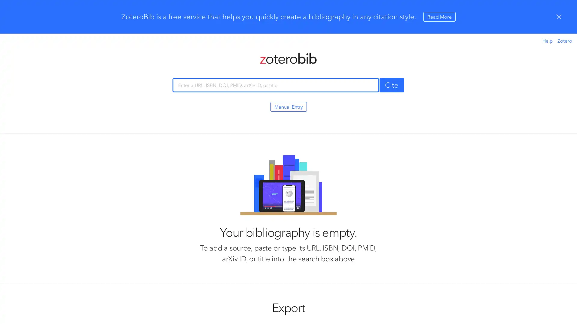 This screenshot has width=577, height=324. I want to click on Read More, so click(439, 16).